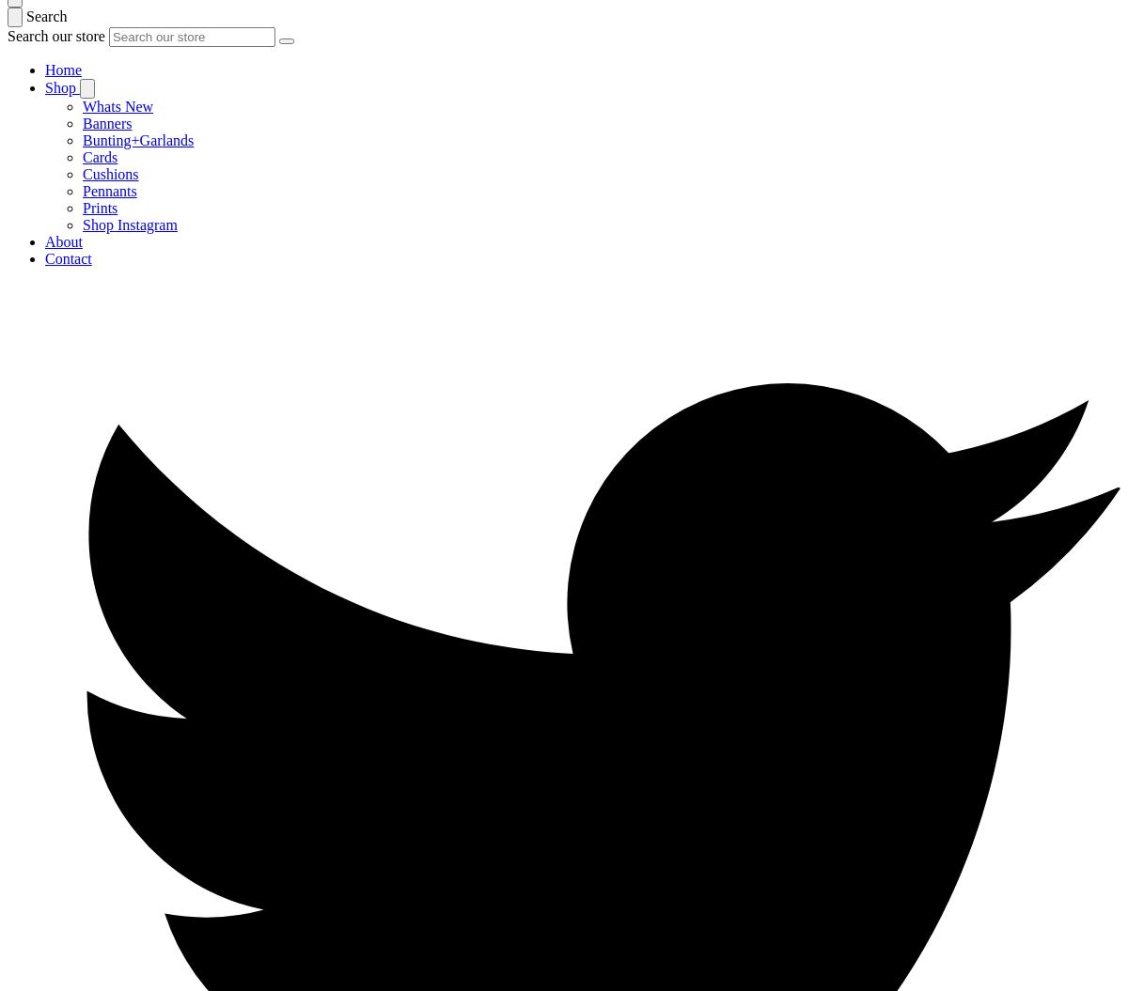 Image resolution: width=1128 pixels, height=991 pixels. I want to click on 'Shop', so click(62, 86).